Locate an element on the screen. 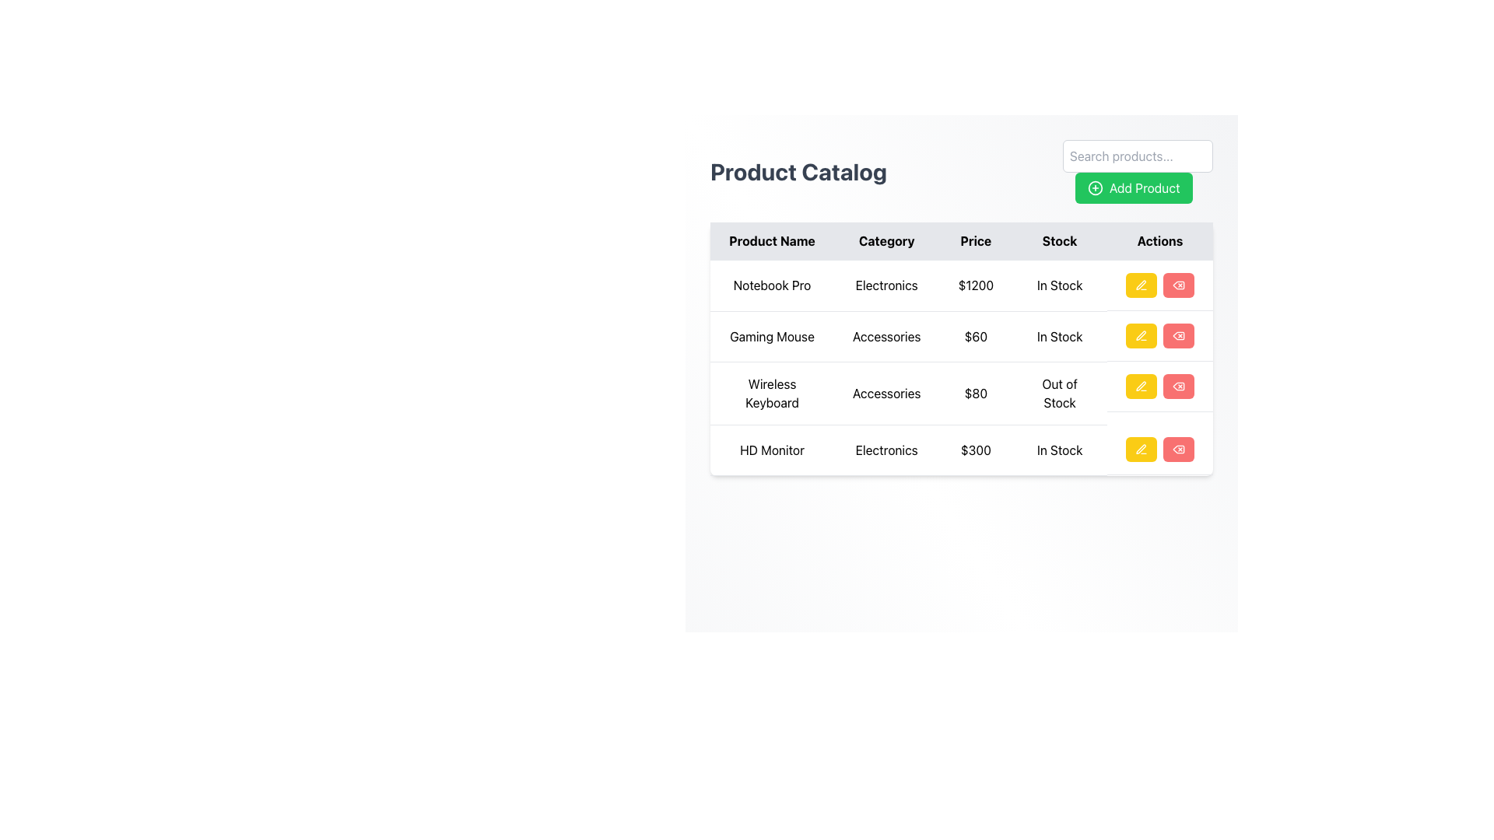 The height and width of the screenshot is (840, 1494). the Text Label that serves as the column header for product names, located at the top-left corner of the table is located at coordinates (772, 241).